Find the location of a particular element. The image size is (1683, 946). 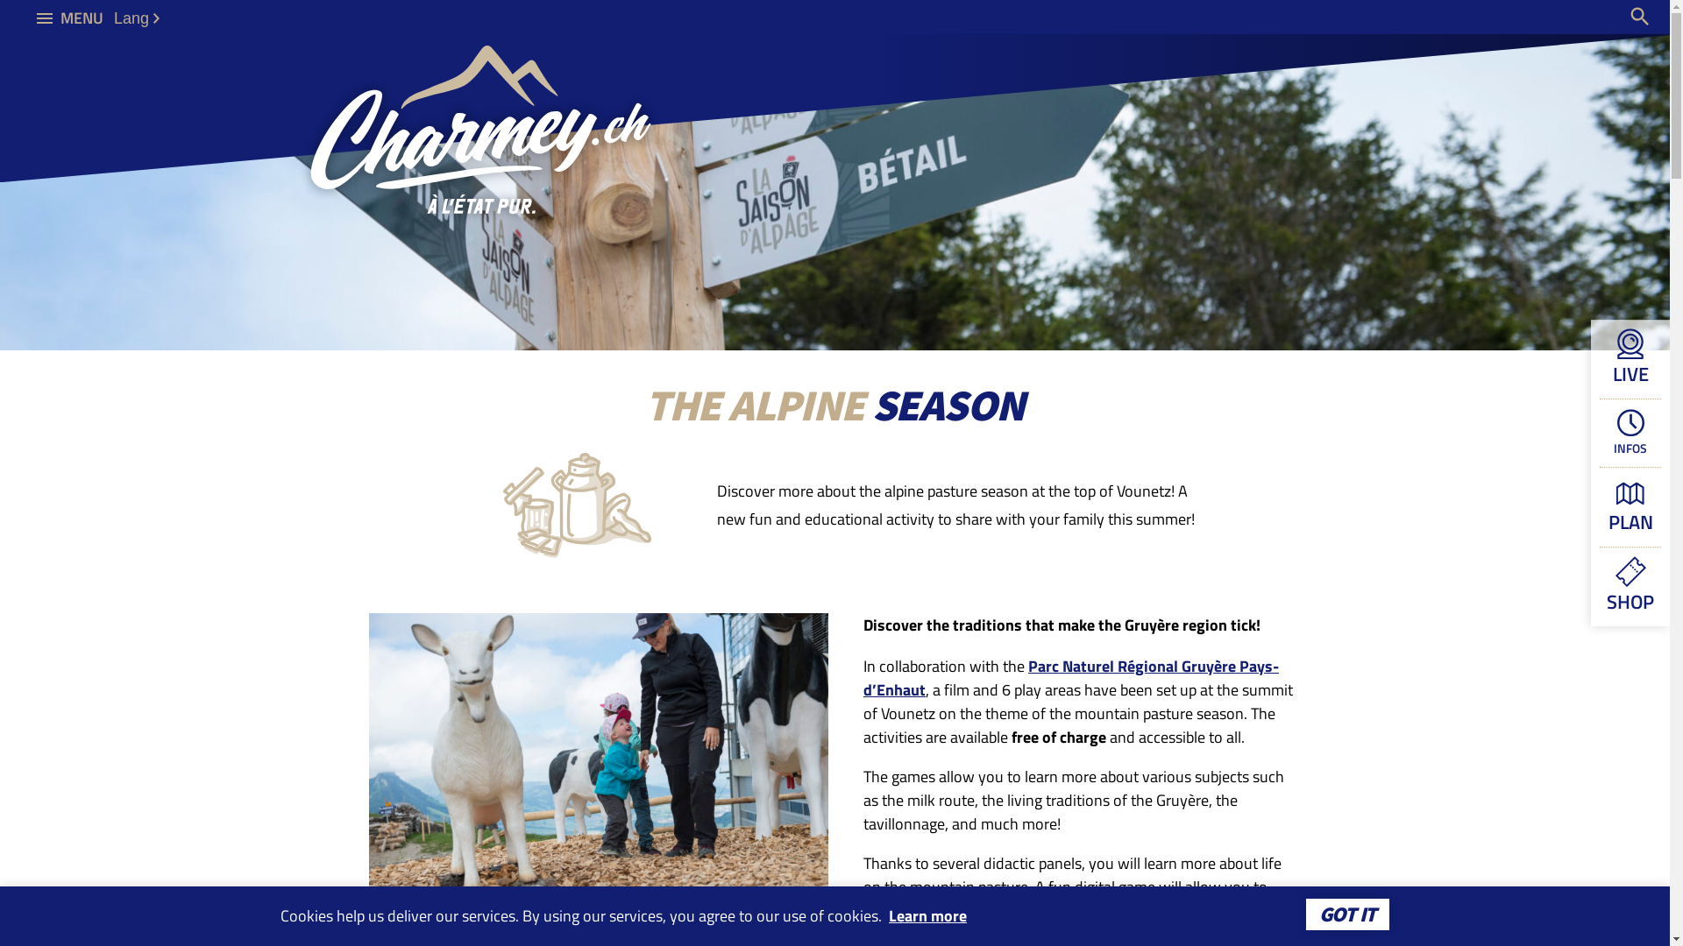

'INFOS' is located at coordinates (1630, 432).